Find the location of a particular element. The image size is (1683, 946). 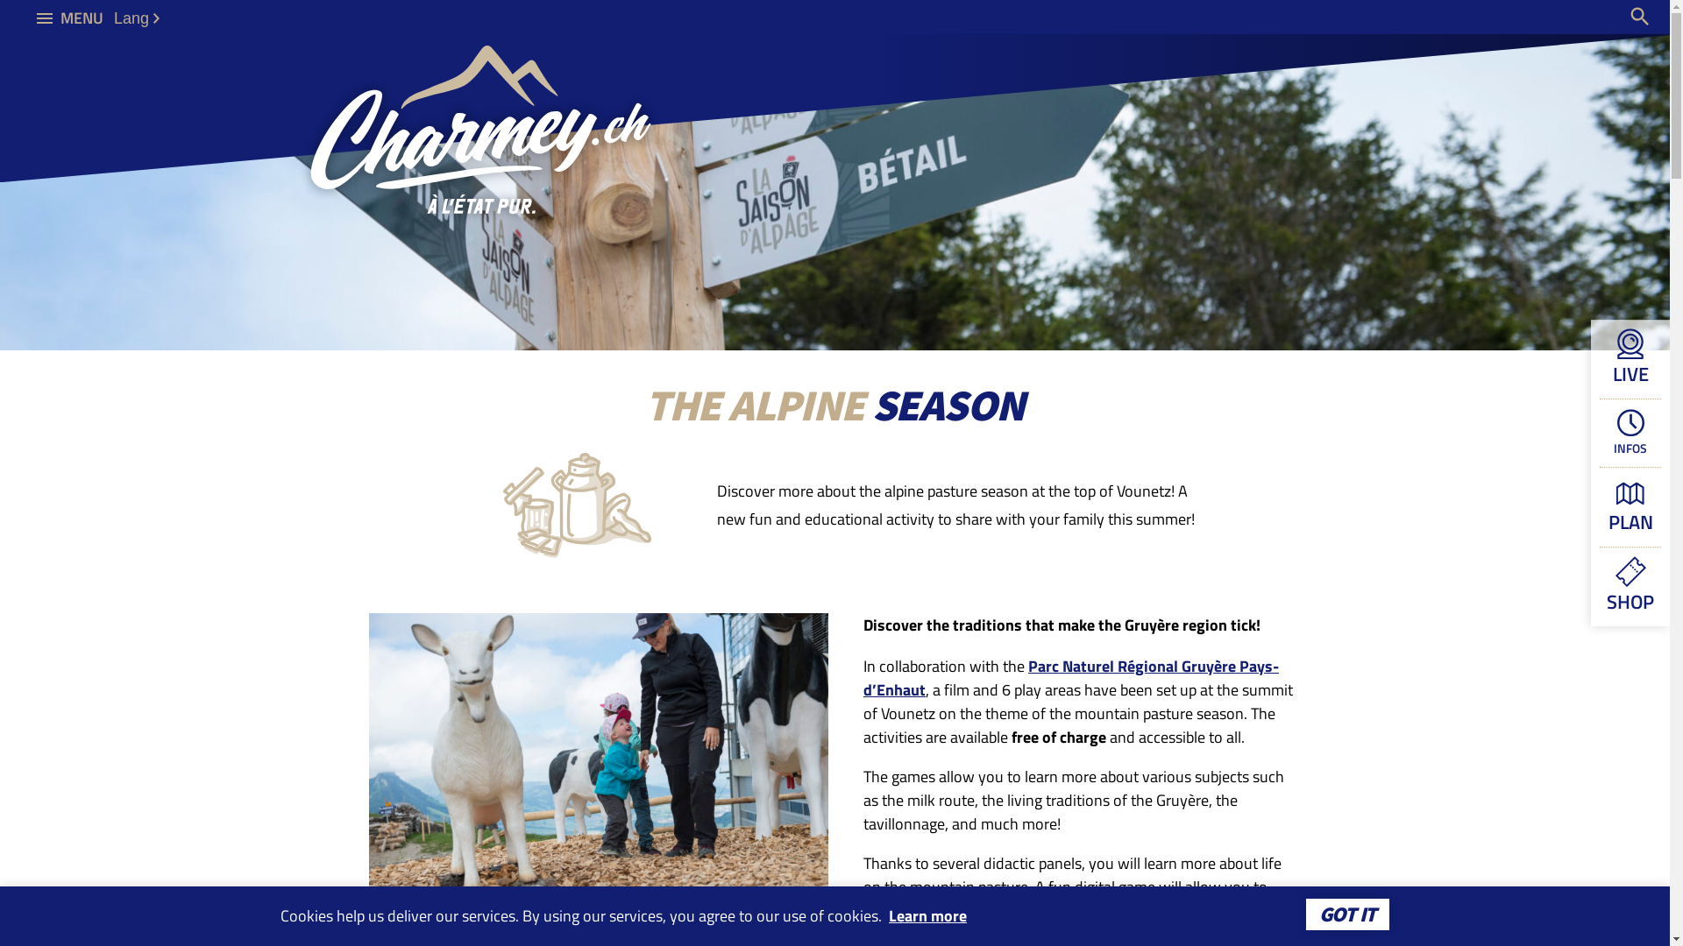

'INFOS' is located at coordinates (1630, 432).